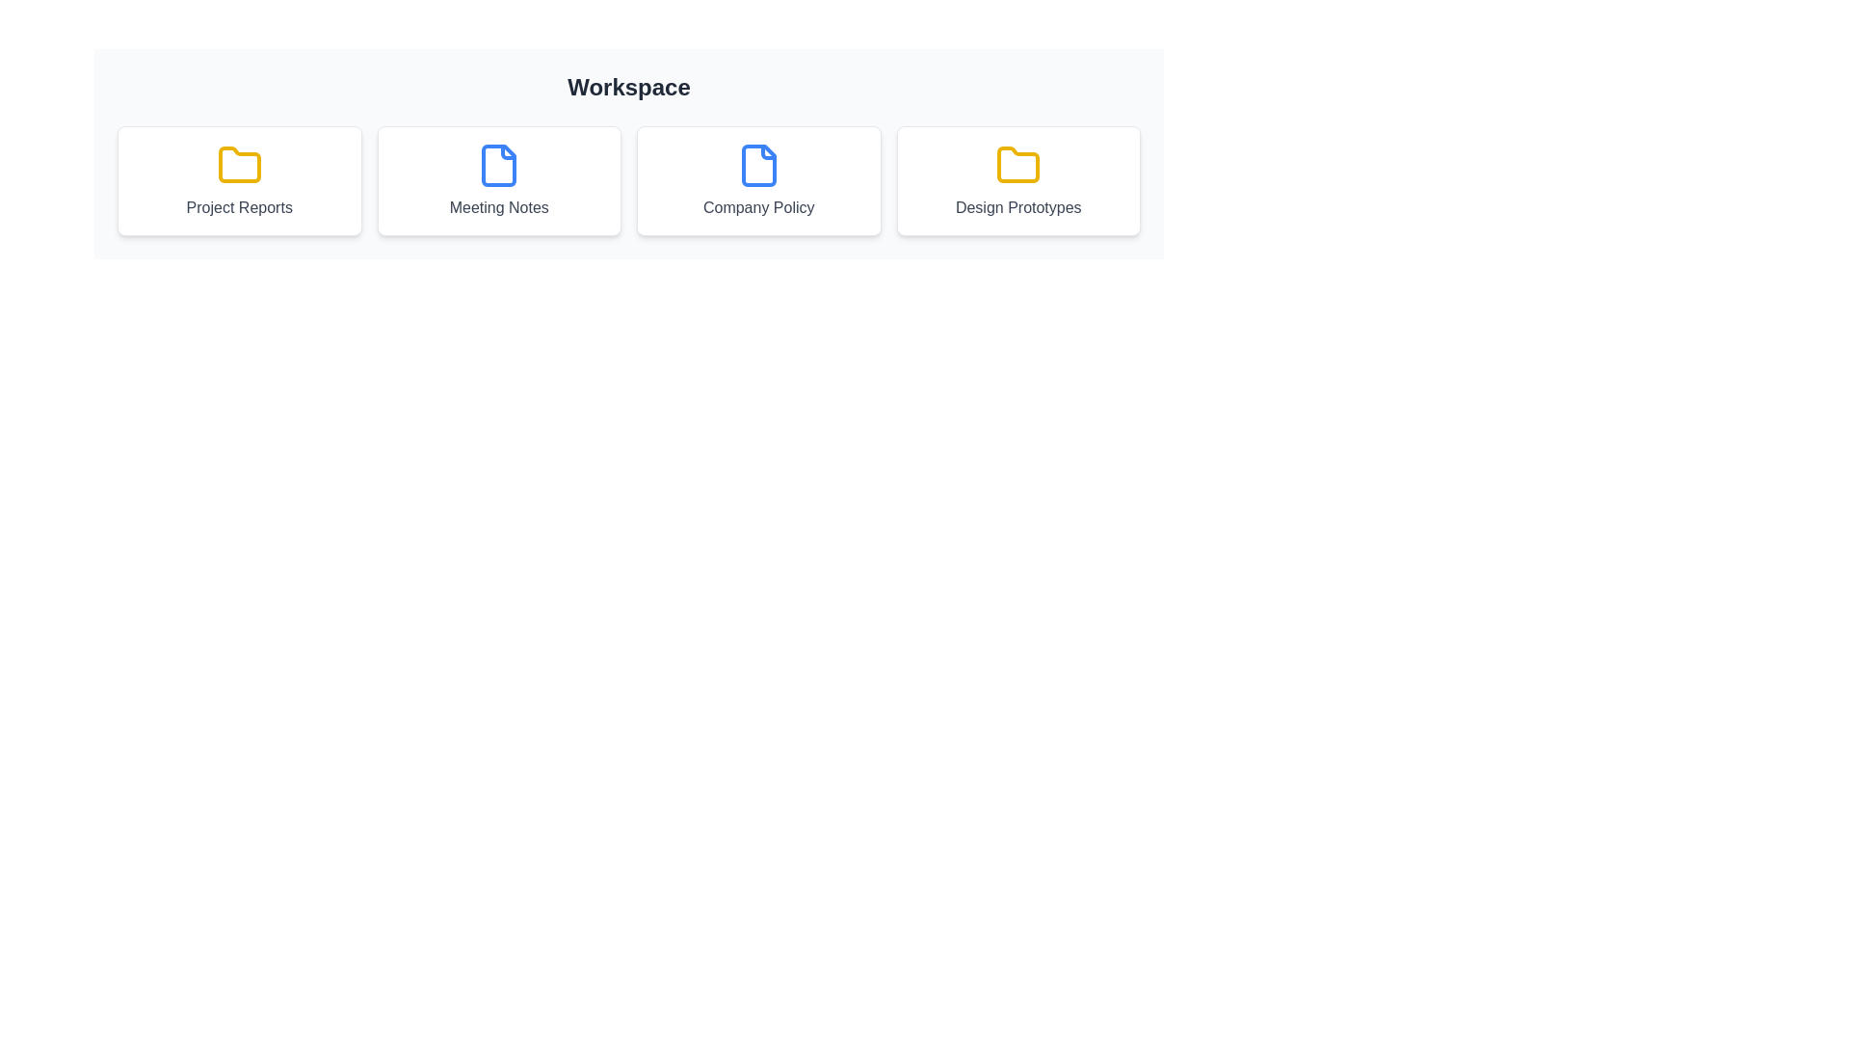 Image resolution: width=1850 pixels, height=1041 pixels. What do you see at coordinates (1017, 181) in the screenshot?
I see `the 'Design Prototypes' card, which is a rectangular card with a white background and a yellow folder icon at the top center, located` at bounding box center [1017, 181].